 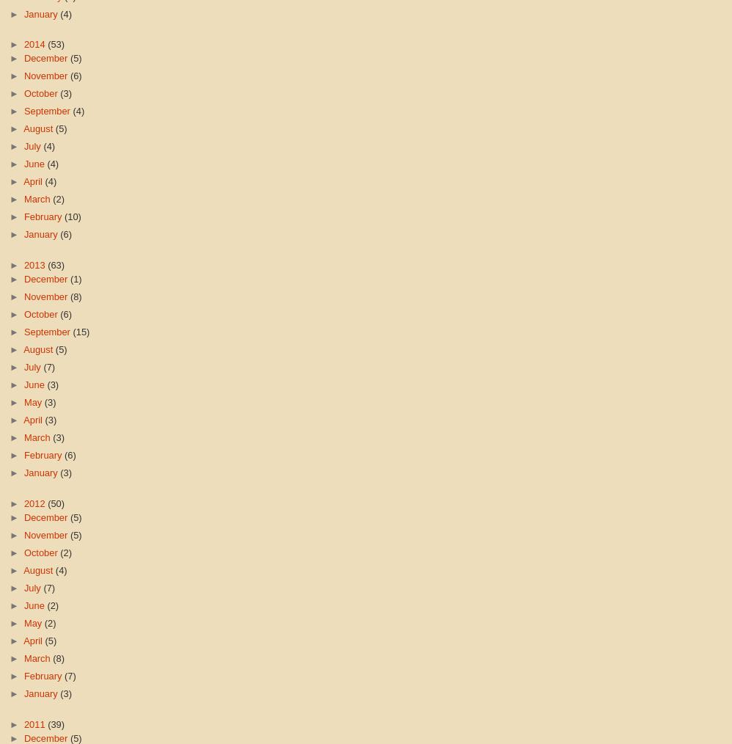 I want to click on '(53)', so click(x=46, y=43).